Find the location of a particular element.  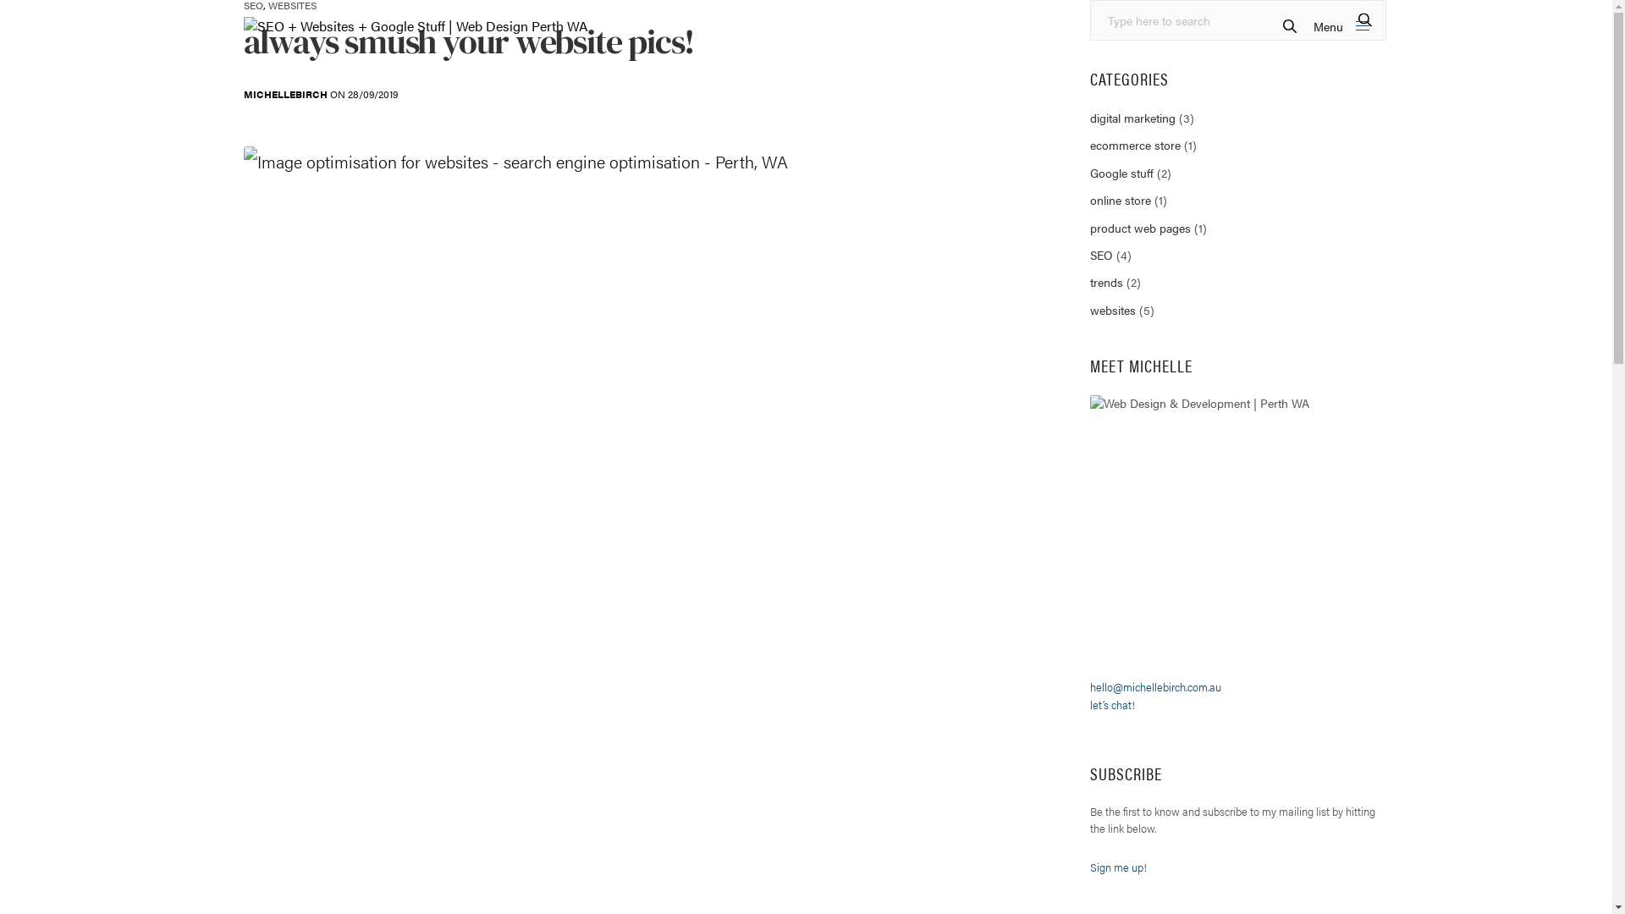

'digital marketing' is located at coordinates (1132, 116).